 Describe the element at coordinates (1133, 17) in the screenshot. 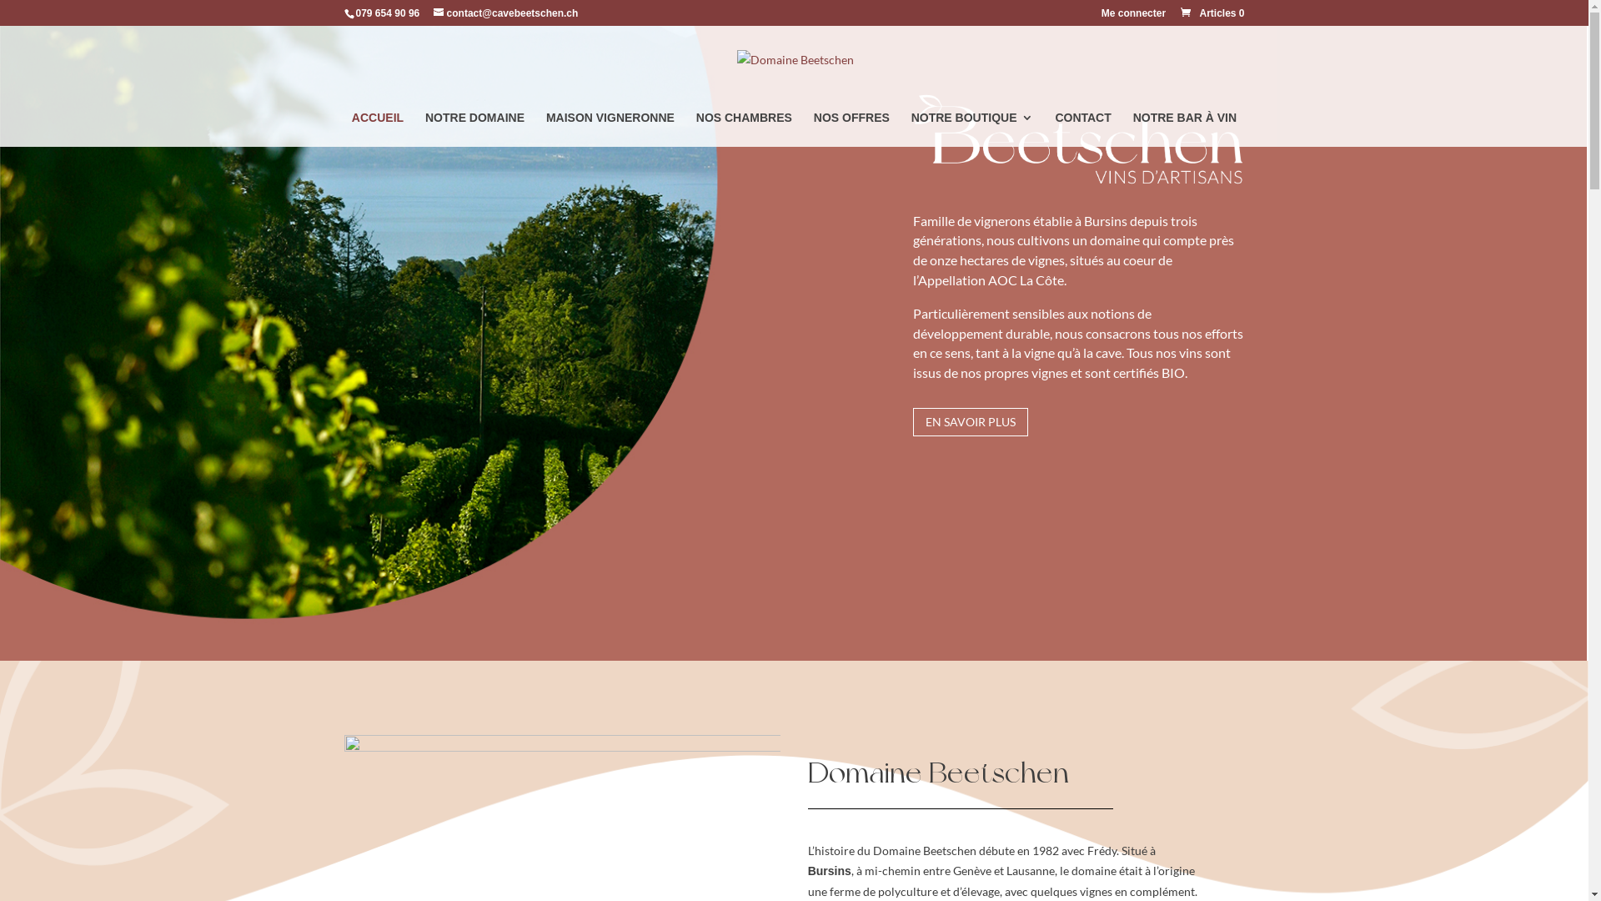

I see `'Me connecter'` at that location.